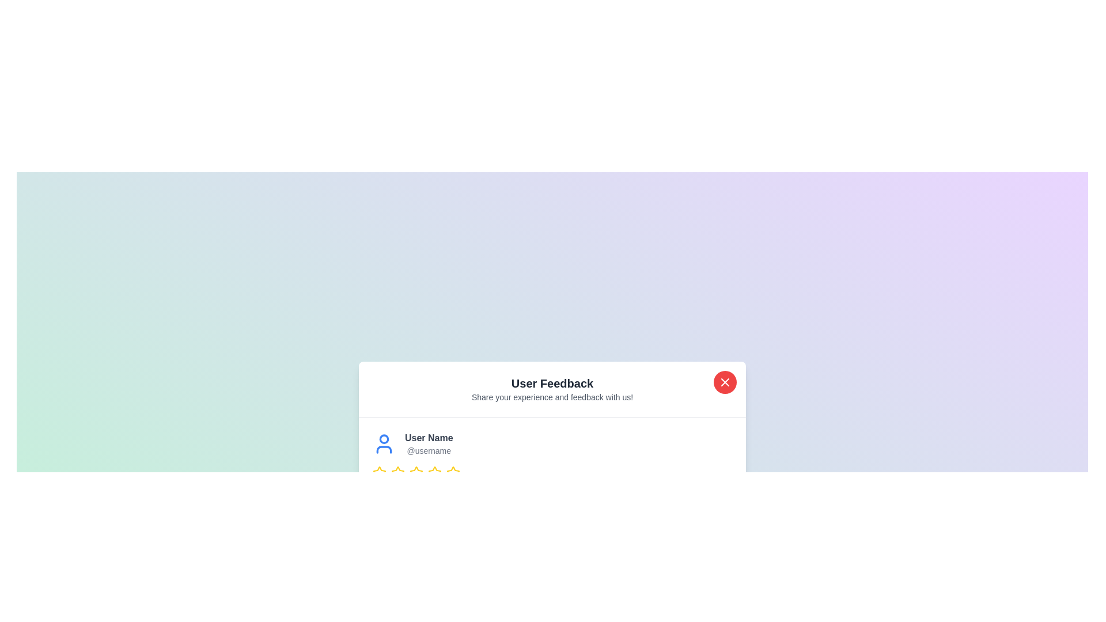  I want to click on displayed text in the text display block that shows the name and username information of a user, located next to the user avatar icon, so click(428, 443).